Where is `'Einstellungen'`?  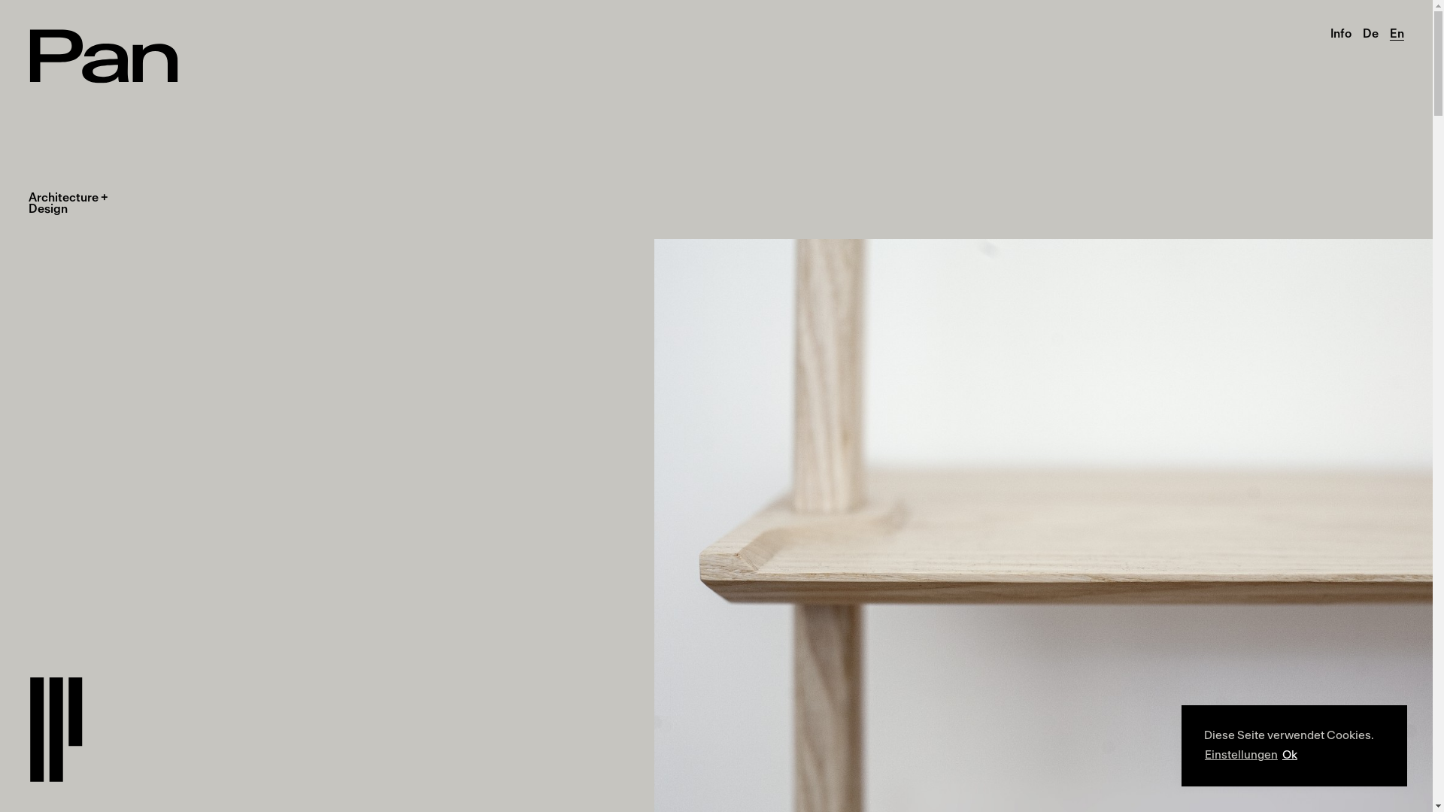
'Einstellungen' is located at coordinates (1205, 756).